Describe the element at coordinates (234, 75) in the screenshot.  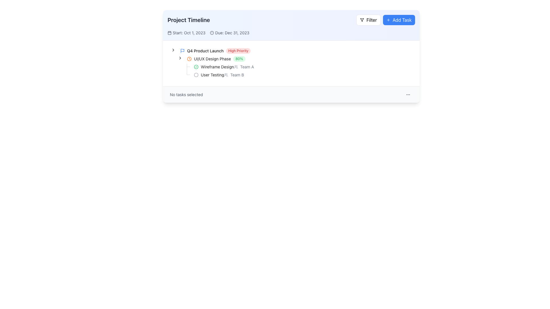
I see `text label 'Team B' which is displayed in a serif font with a gray color scheme, positioned near the bottom of the 'UI/UX Design Phase' section, following the 'User Testing' label` at that location.